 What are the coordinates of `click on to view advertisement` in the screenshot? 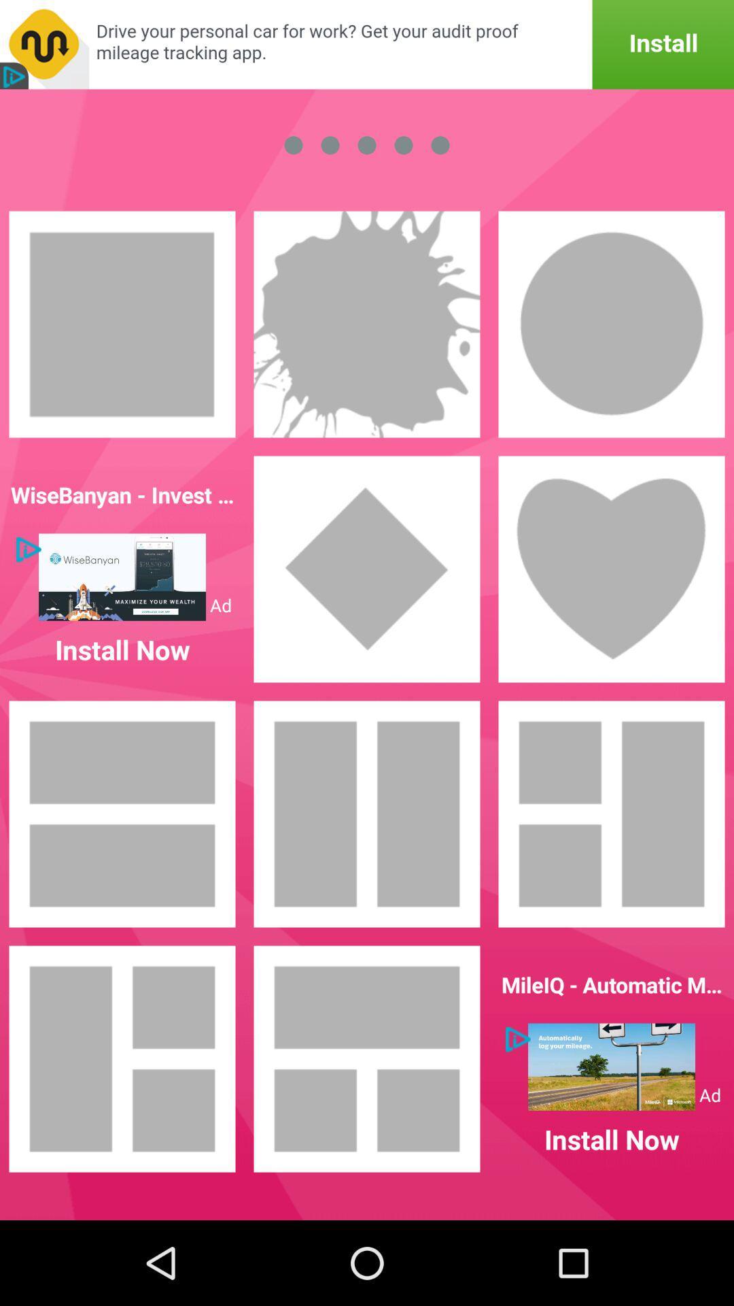 It's located at (610, 1066).